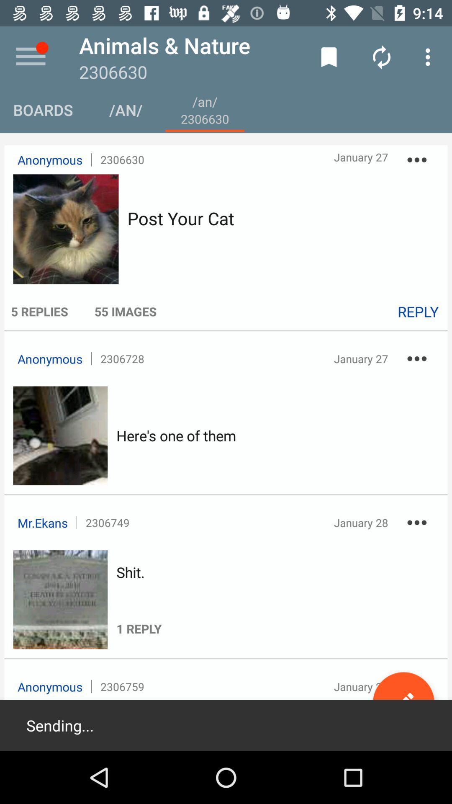 The height and width of the screenshot is (804, 452). What do you see at coordinates (126, 311) in the screenshot?
I see `item next to the 6 replies item` at bounding box center [126, 311].